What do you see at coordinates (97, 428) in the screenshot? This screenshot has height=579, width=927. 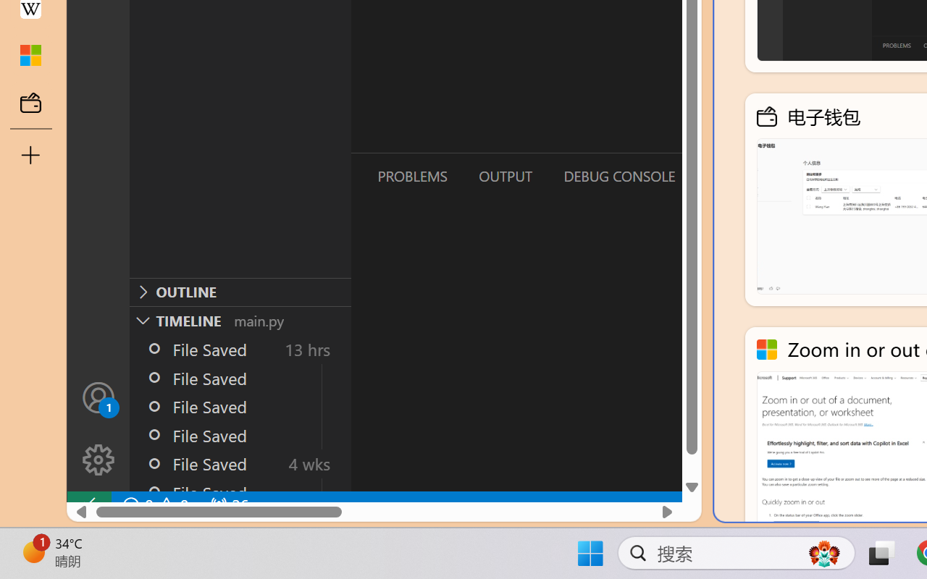 I see `'Manage'` at bounding box center [97, 428].